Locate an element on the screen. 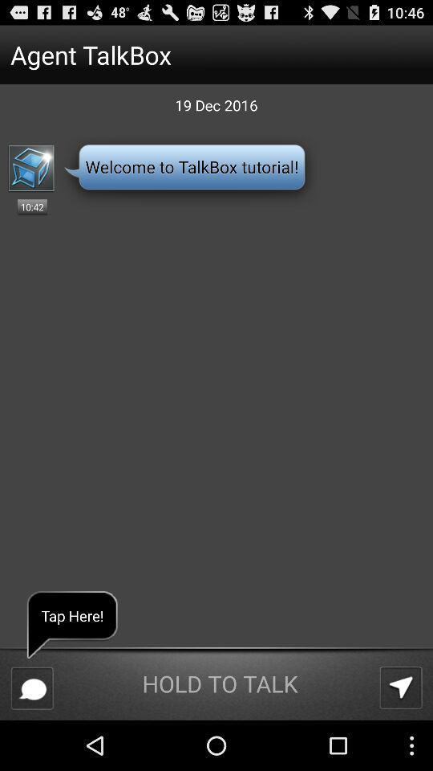 The image size is (433, 771). app to the left of hold to talk is located at coordinates (32, 687).